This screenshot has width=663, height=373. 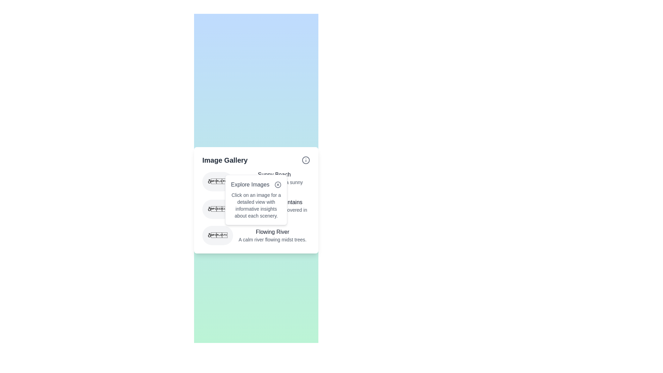 What do you see at coordinates (272, 235) in the screenshot?
I see `the Text block containing the title 'Flowing River' and the description 'A calm river flowing midst trees.' located at the bottom section of the 'Image Gallery' interface` at bounding box center [272, 235].